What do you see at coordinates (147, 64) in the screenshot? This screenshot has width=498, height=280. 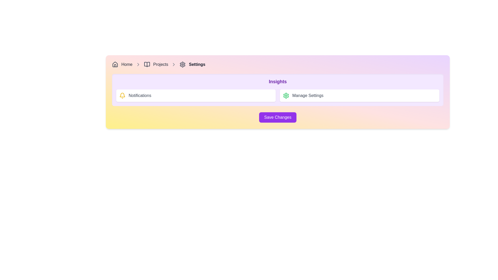 I see `the stylized book icon` at bounding box center [147, 64].